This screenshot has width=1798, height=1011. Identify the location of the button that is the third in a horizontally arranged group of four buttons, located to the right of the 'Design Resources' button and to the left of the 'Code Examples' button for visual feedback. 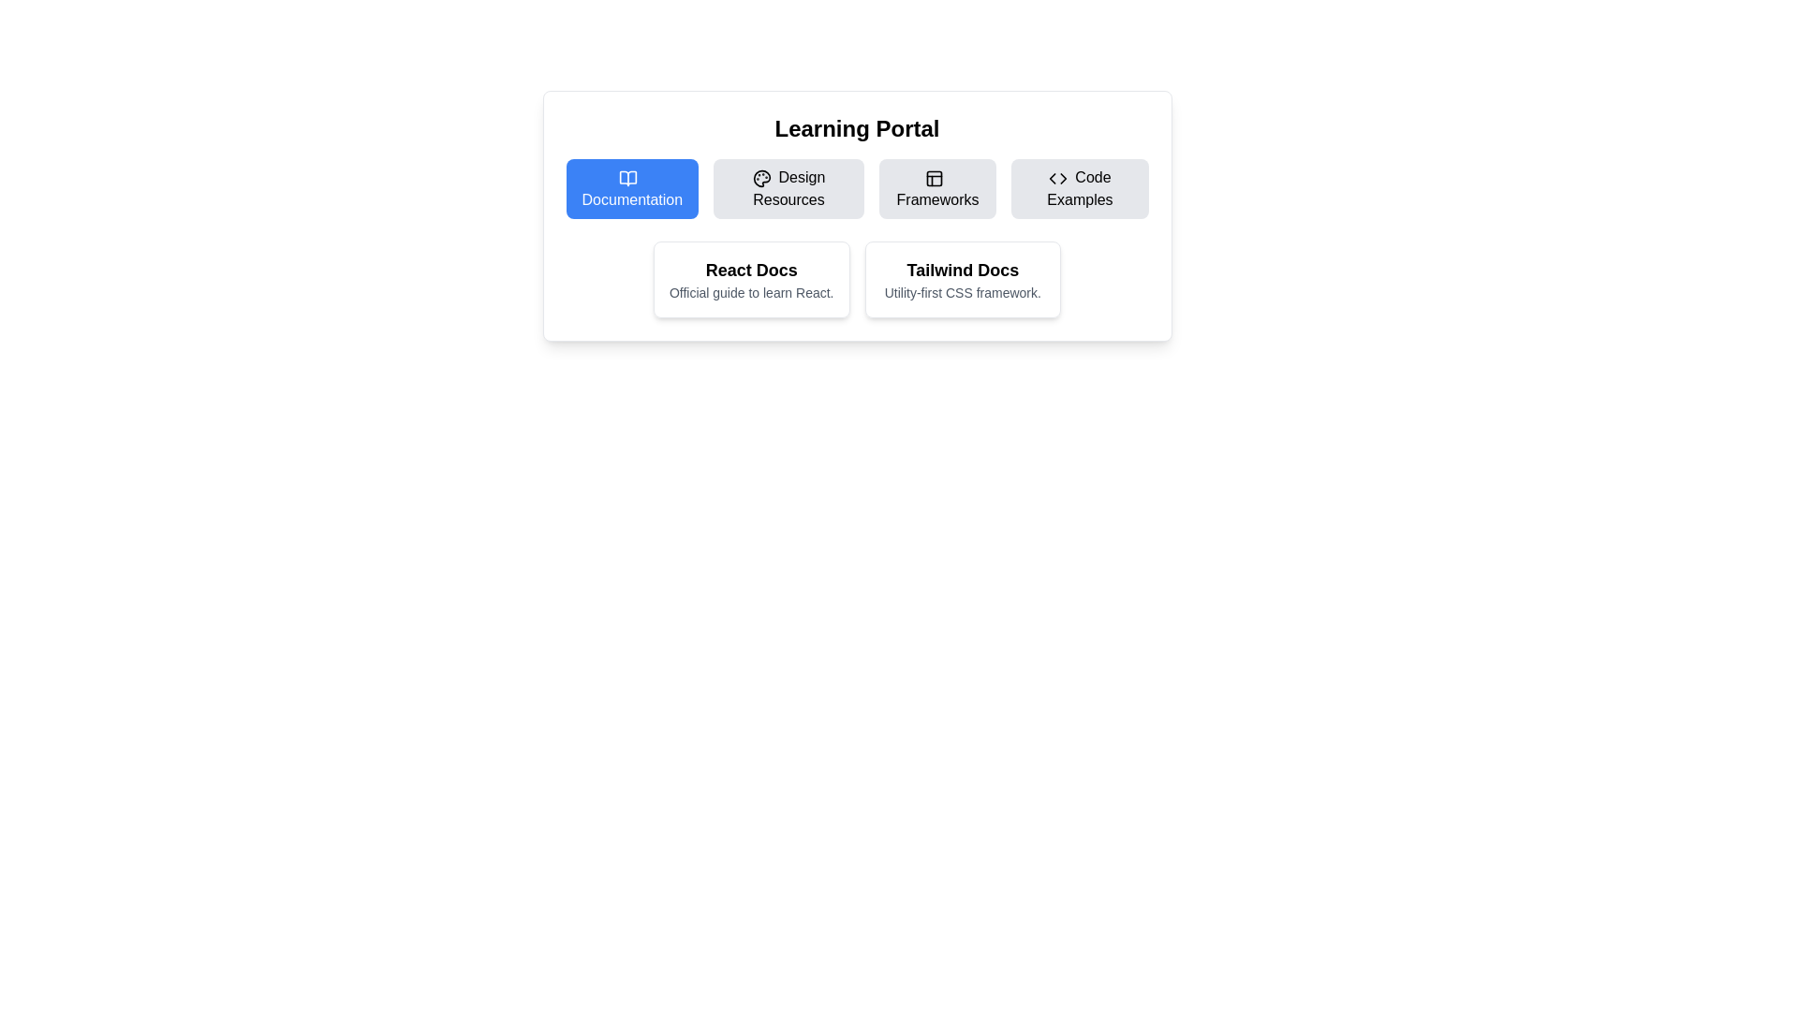
(937, 188).